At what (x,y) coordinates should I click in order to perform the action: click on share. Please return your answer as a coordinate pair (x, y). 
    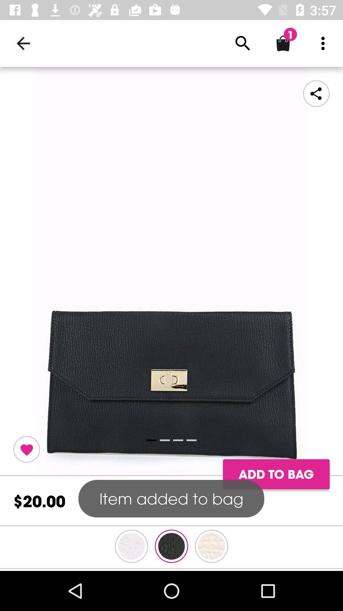
    Looking at the image, I should click on (316, 93).